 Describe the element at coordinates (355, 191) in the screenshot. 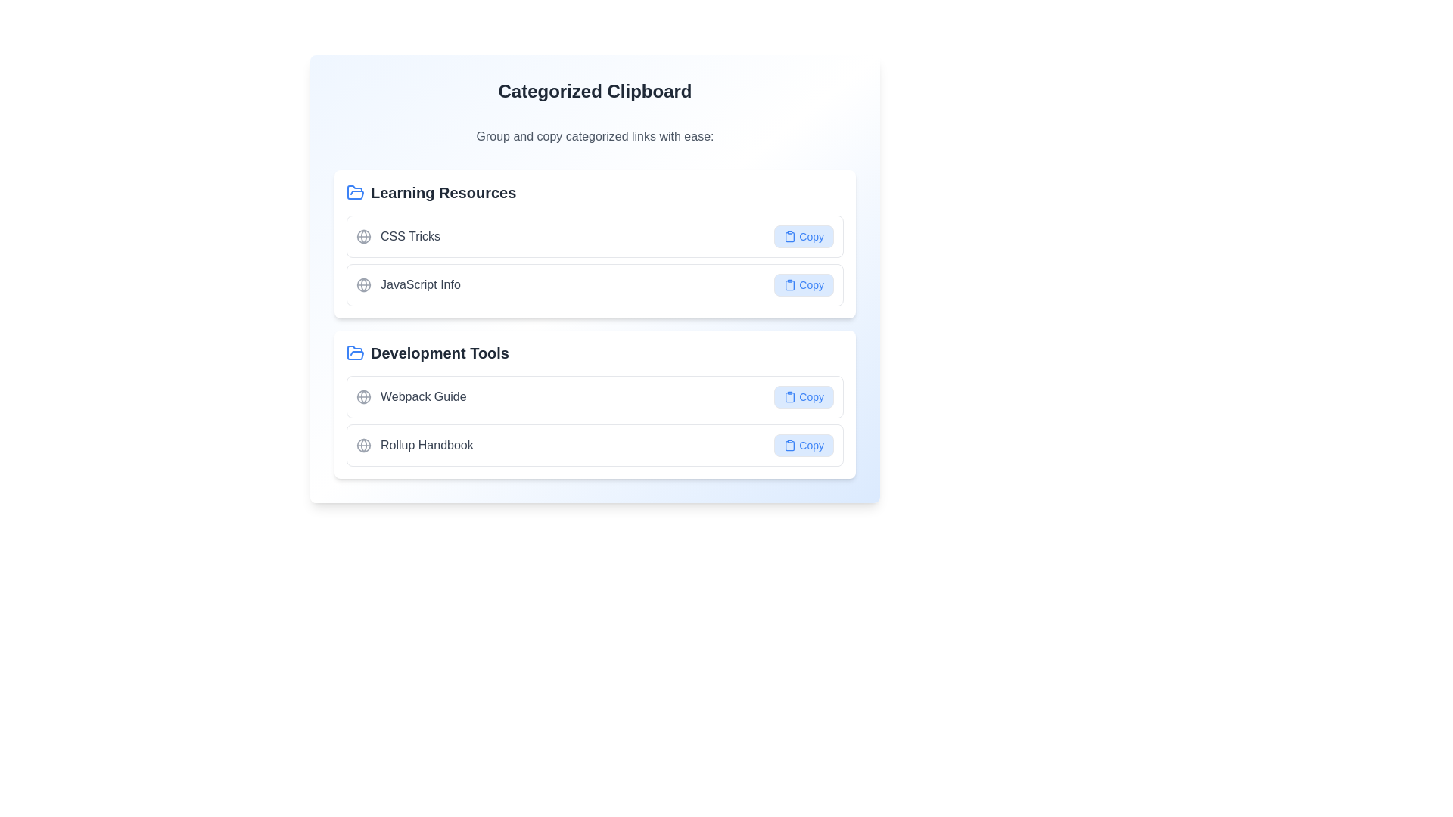

I see `the decorative icon representing 'Learning Resources', which is positioned before the text label 'Learning Resources' at the top-left section of the page` at that location.